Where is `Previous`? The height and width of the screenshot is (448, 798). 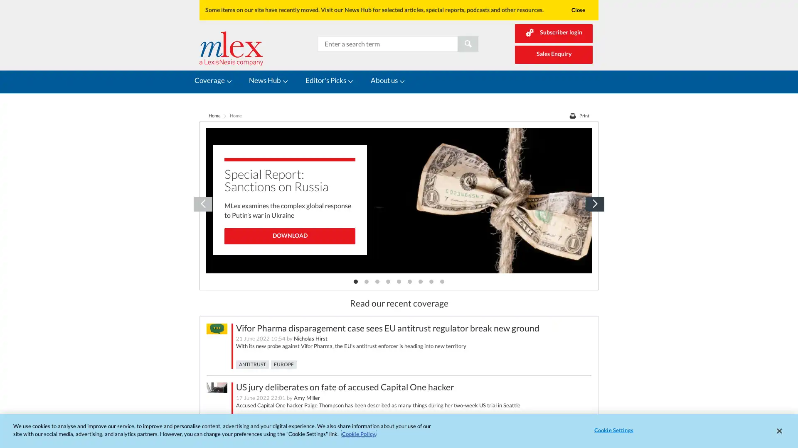 Previous is located at coordinates (203, 192).